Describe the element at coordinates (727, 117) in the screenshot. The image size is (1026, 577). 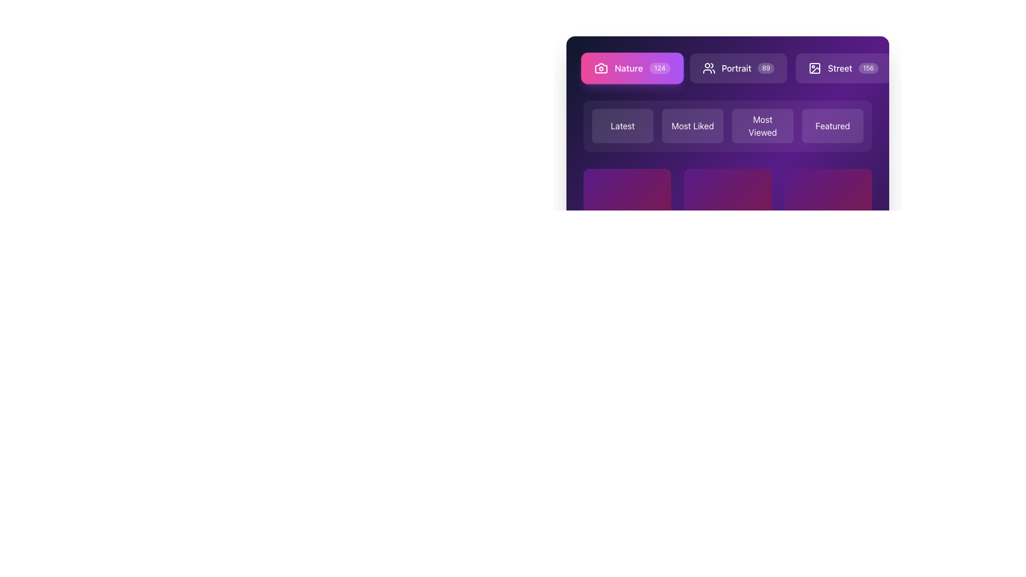
I see `the third button from the left in the horizontal button group to filter by 'Most Viewed'` at that location.